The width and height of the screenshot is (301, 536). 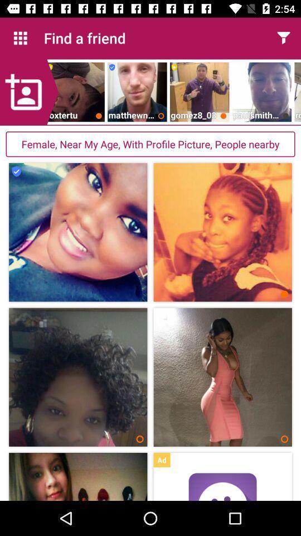 What do you see at coordinates (298, 92) in the screenshot?
I see `the last image below find a friend` at bounding box center [298, 92].